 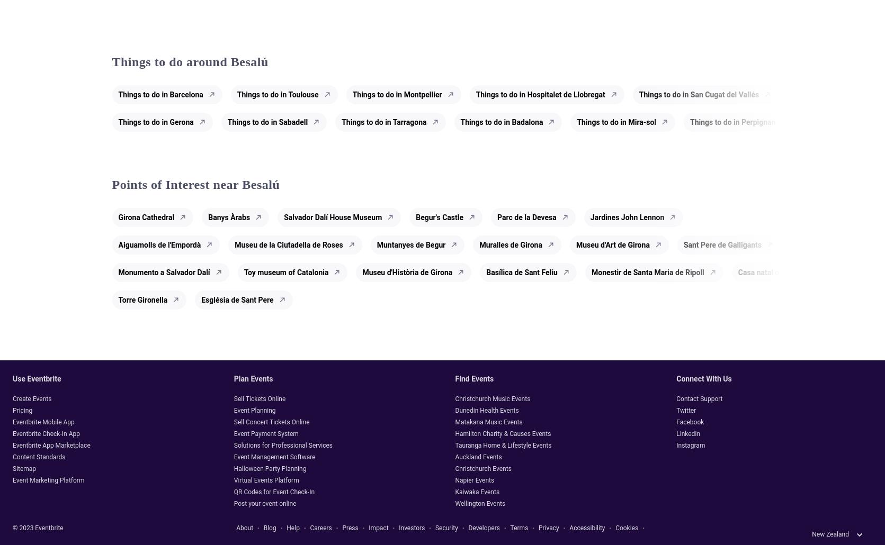 I want to click on 'Jardines John Lennon', so click(x=627, y=217).